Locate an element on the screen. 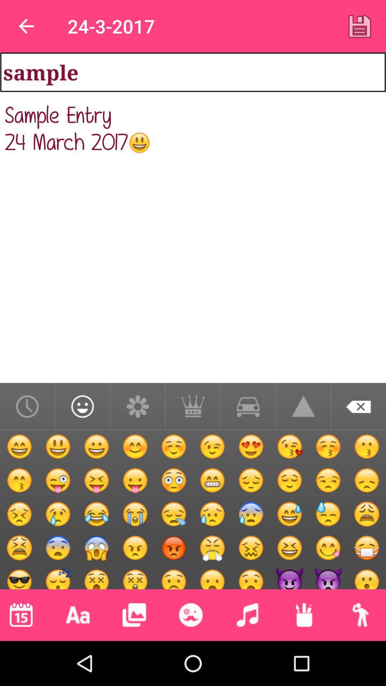  the emoji icon is located at coordinates (82, 406).